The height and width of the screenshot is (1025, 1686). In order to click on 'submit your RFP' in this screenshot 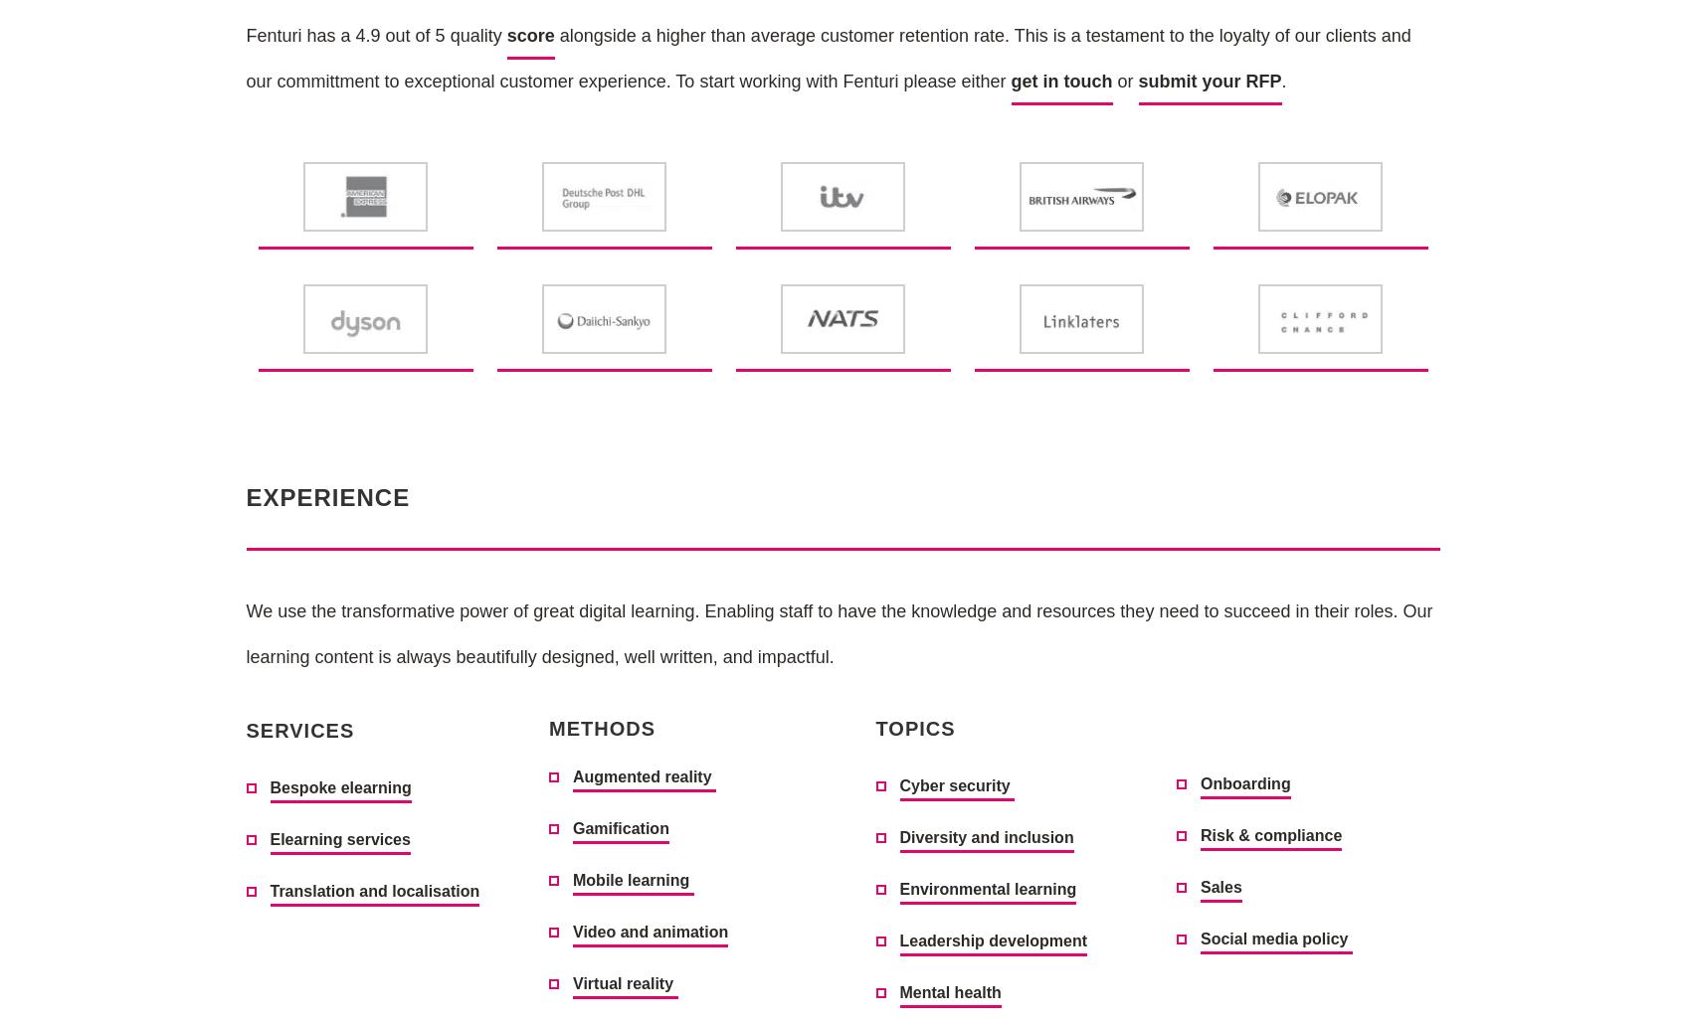, I will do `click(1209, 81)`.